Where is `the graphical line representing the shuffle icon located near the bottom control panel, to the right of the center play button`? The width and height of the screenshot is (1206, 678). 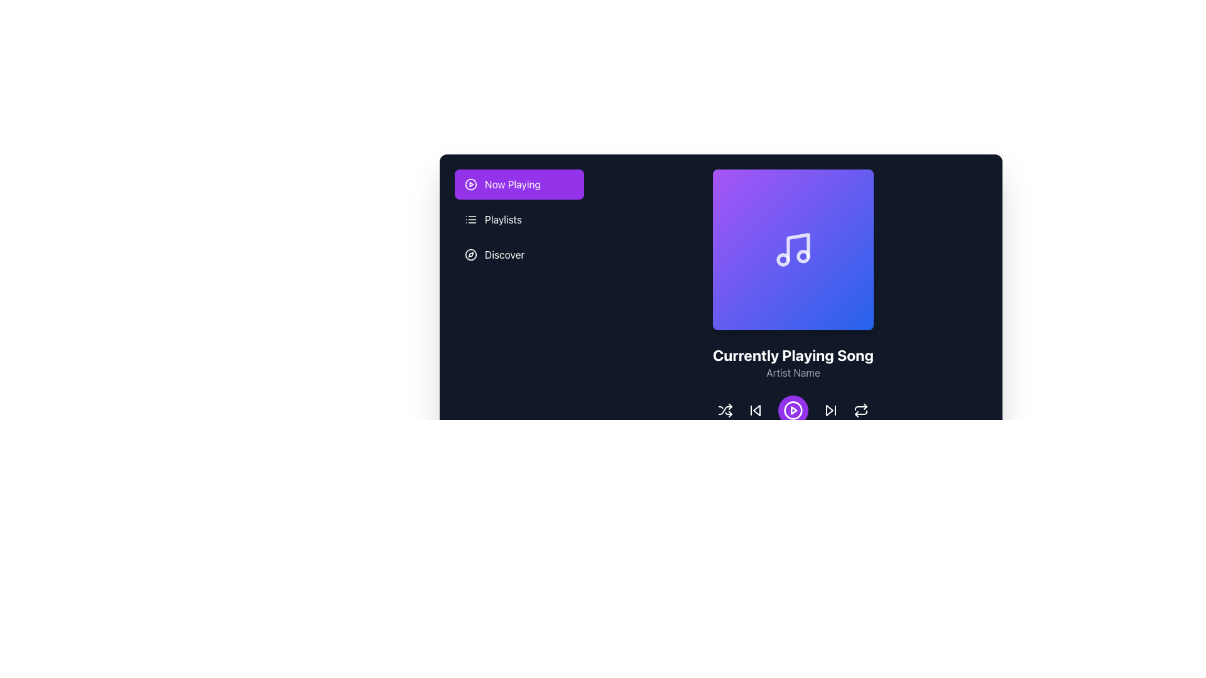 the graphical line representing the shuffle icon located near the bottom control panel, to the right of the center play button is located at coordinates (725, 411).